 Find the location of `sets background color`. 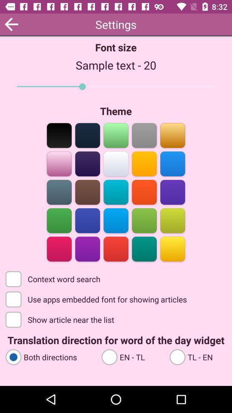

sets background color is located at coordinates (144, 191).